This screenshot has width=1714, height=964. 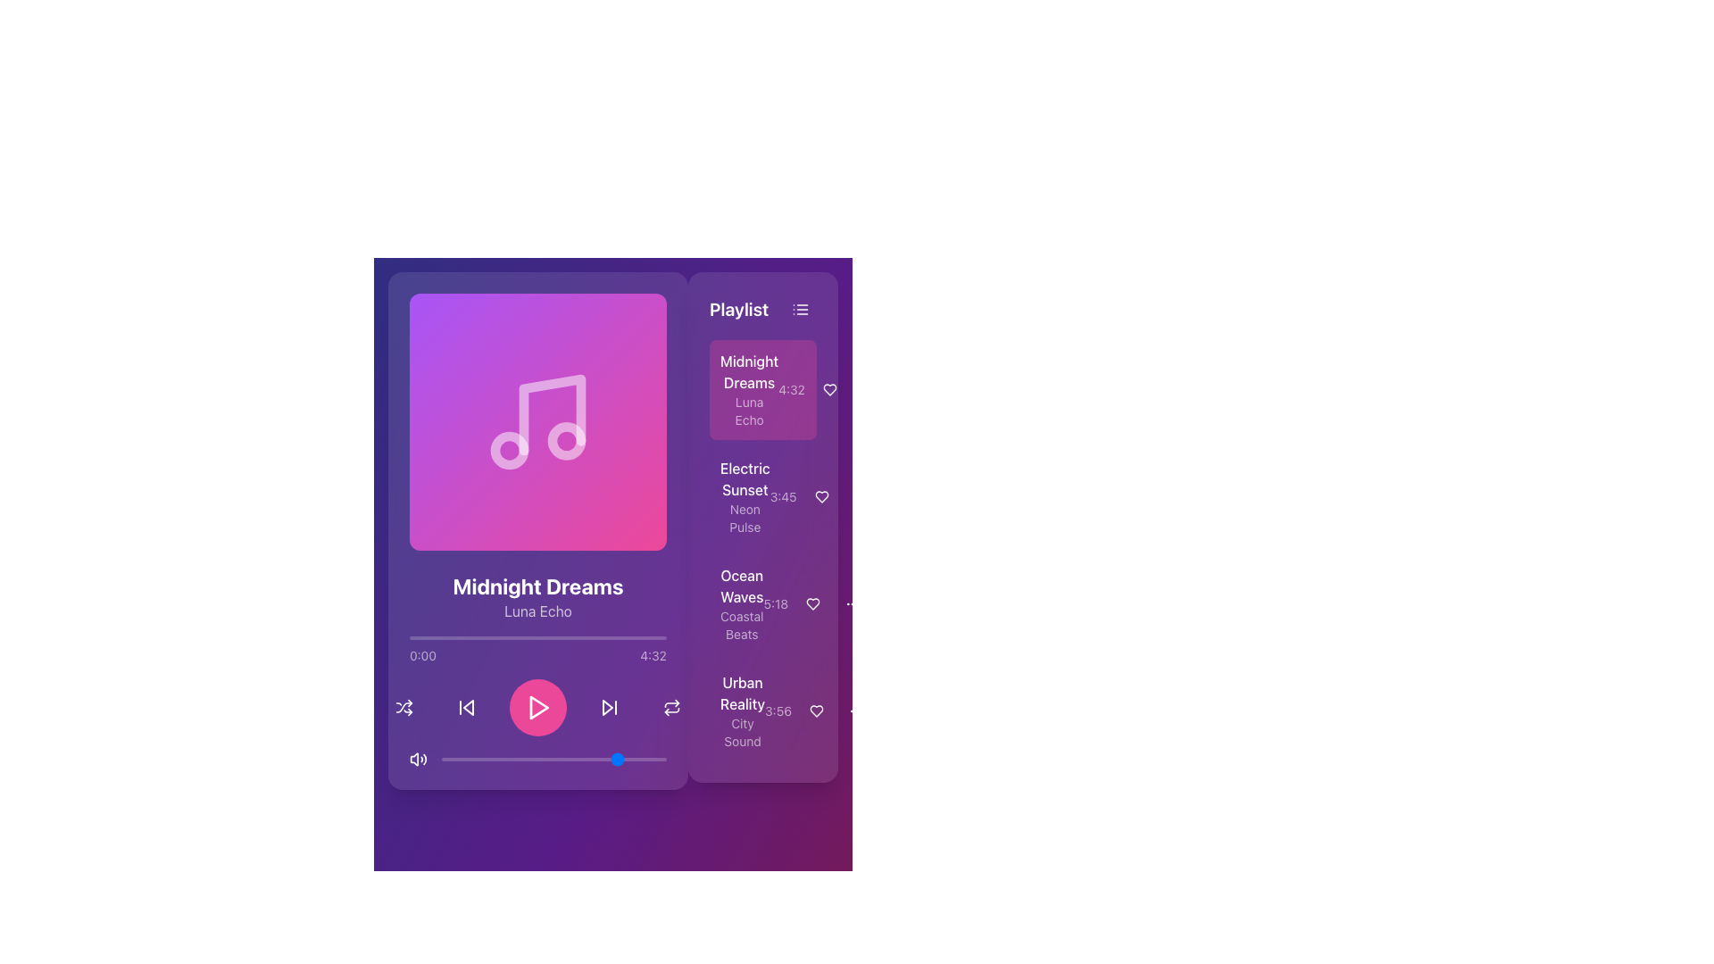 I want to click on the text label displaying 'Ocean Waves' and 'Coastal Beats' in the playlist interface, which is the third item in the list, so click(x=742, y=603).